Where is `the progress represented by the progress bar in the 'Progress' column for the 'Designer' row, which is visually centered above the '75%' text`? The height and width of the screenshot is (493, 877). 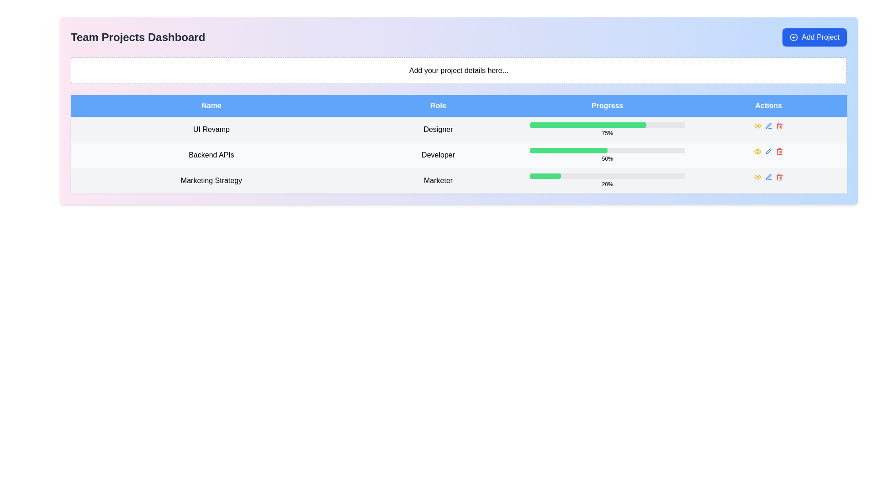 the progress represented by the progress bar in the 'Progress' column for the 'Designer' row, which is visually centered above the '75%' text is located at coordinates (607, 125).